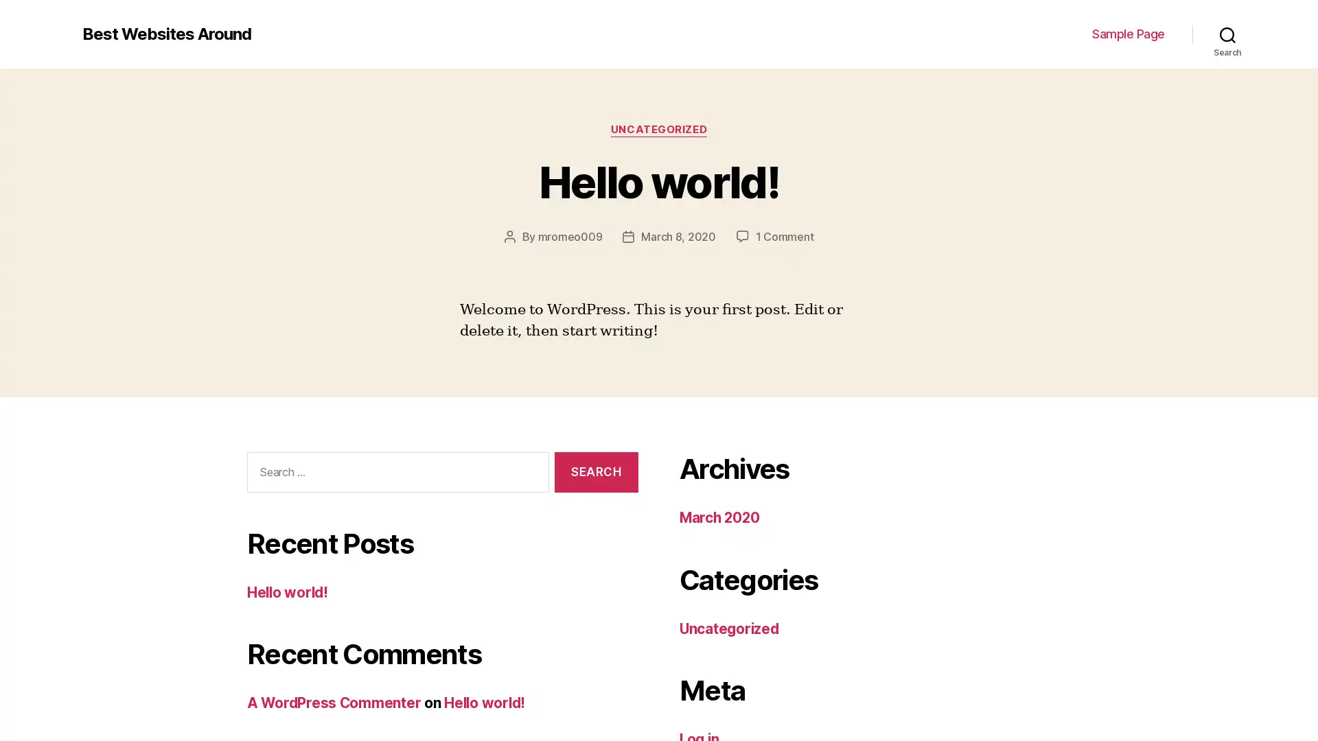 This screenshot has height=741, width=1318. I want to click on Search, so click(1227, 34).